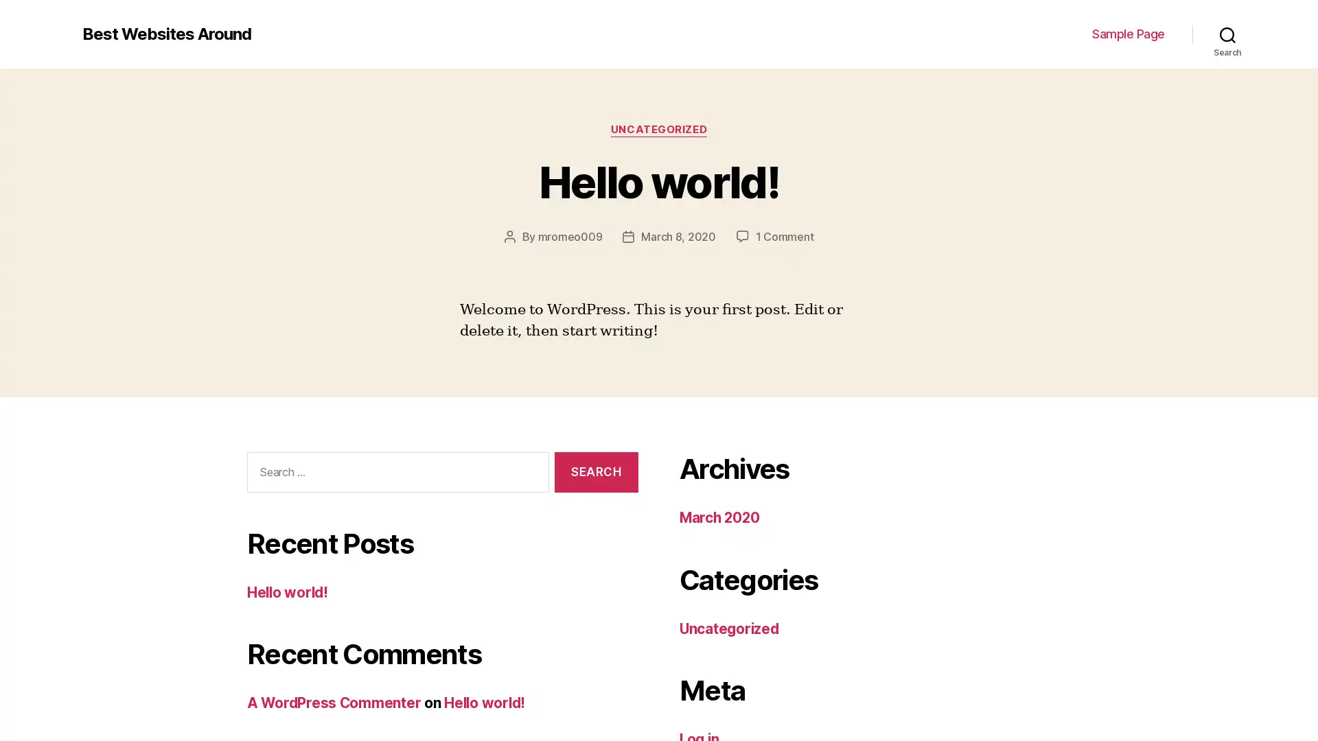 This screenshot has height=741, width=1318. I want to click on Search, so click(1227, 34).